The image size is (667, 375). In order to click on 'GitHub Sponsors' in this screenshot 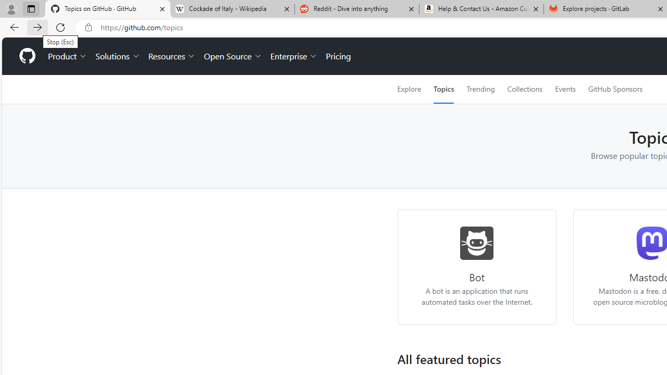, I will do `click(615, 89)`.